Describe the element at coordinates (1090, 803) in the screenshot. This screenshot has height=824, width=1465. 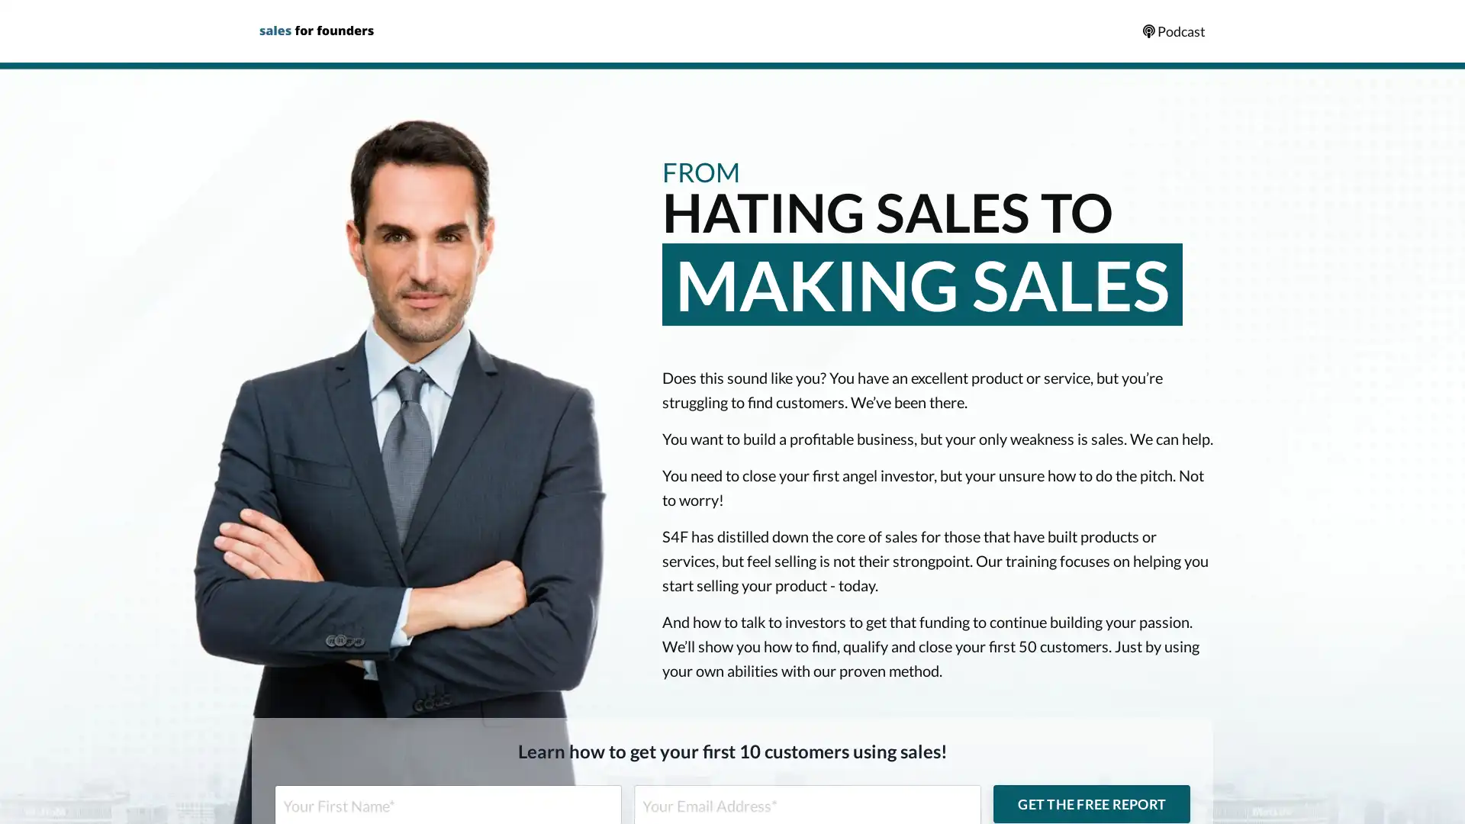
I see `GET THE FREE REPORT` at that location.